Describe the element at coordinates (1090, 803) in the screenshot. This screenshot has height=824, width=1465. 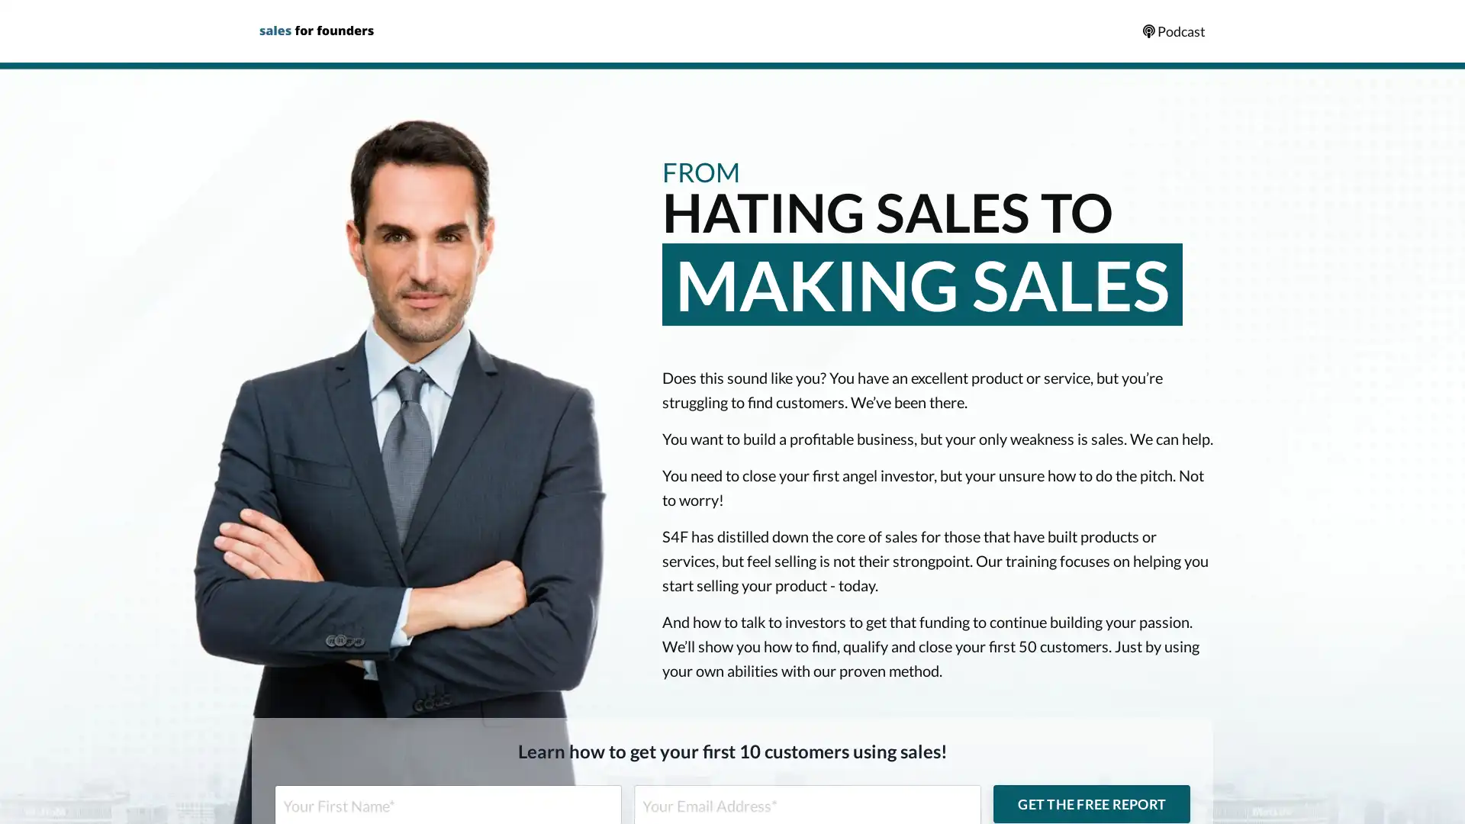
I see `GET THE FREE REPORT` at that location.